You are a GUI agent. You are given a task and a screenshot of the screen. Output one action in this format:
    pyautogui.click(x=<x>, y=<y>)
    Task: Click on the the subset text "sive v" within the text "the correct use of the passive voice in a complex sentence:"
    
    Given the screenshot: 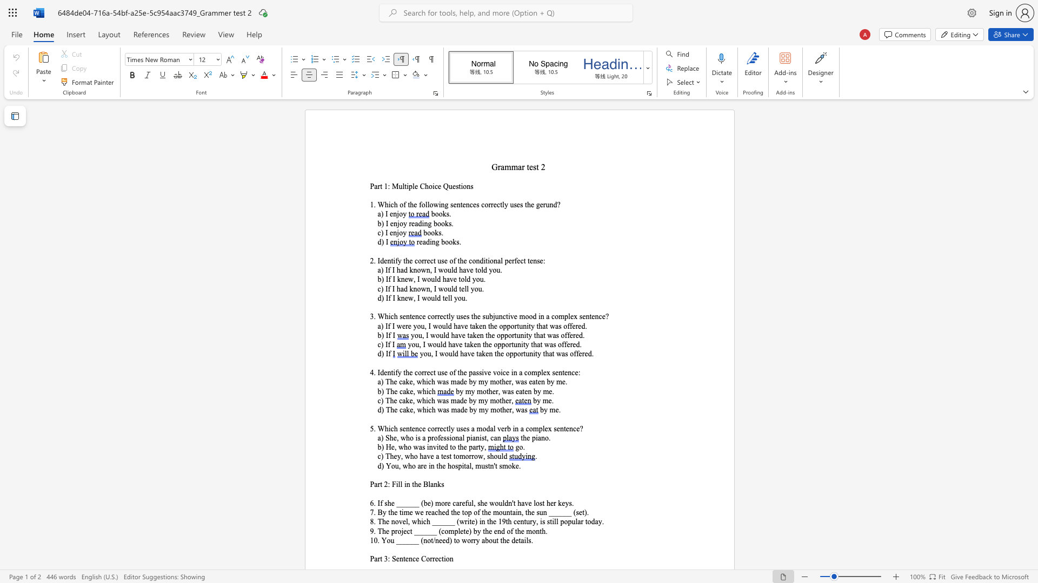 What is the action you would take?
    pyautogui.click(x=478, y=372)
    